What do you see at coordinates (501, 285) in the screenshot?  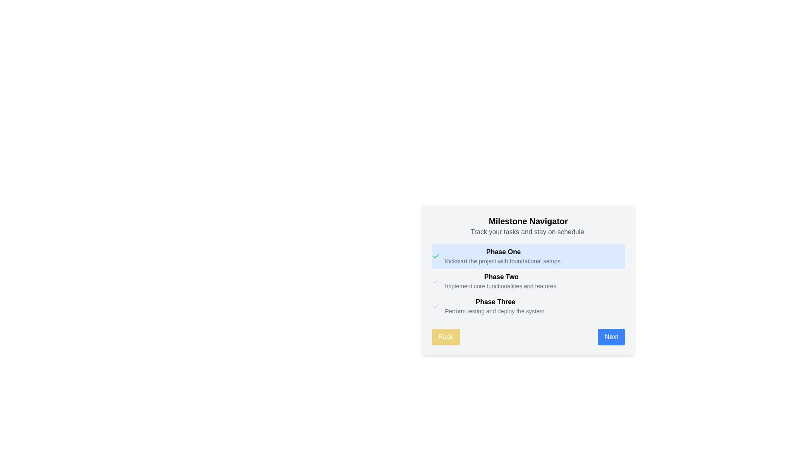 I see `the small, gray text reading 'Implement core functionalities and features' located beneath the 'Phase Two' heading` at bounding box center [501, 285].